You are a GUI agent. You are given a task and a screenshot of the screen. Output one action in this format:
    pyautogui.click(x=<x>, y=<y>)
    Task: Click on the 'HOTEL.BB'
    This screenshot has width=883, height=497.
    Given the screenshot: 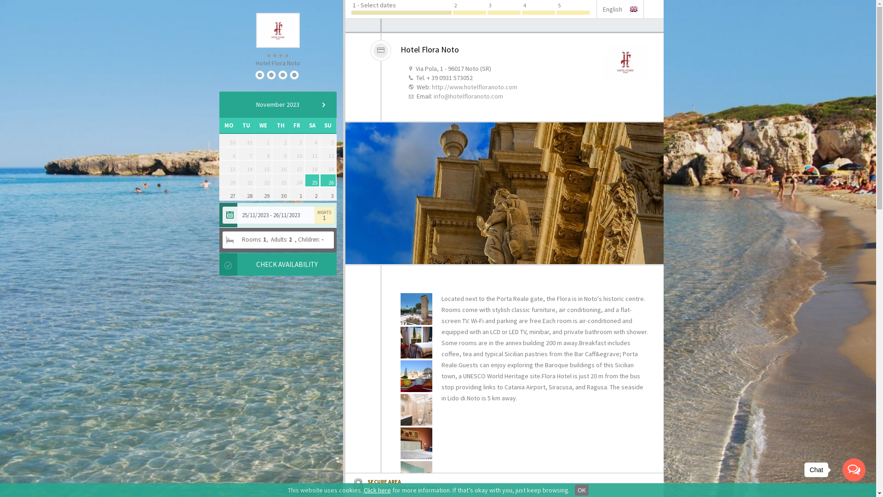 What is the action you would take?
    pyautogui.click(x=298, y=283)
    